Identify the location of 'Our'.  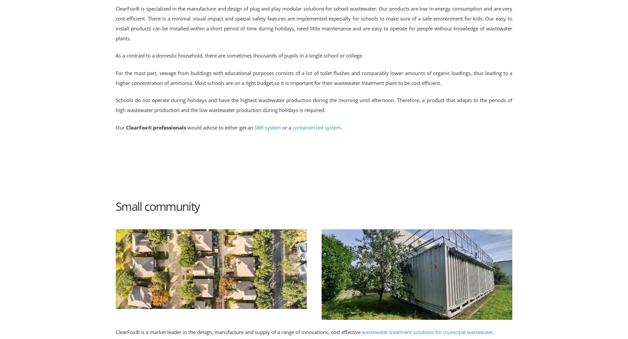
(120, 127).